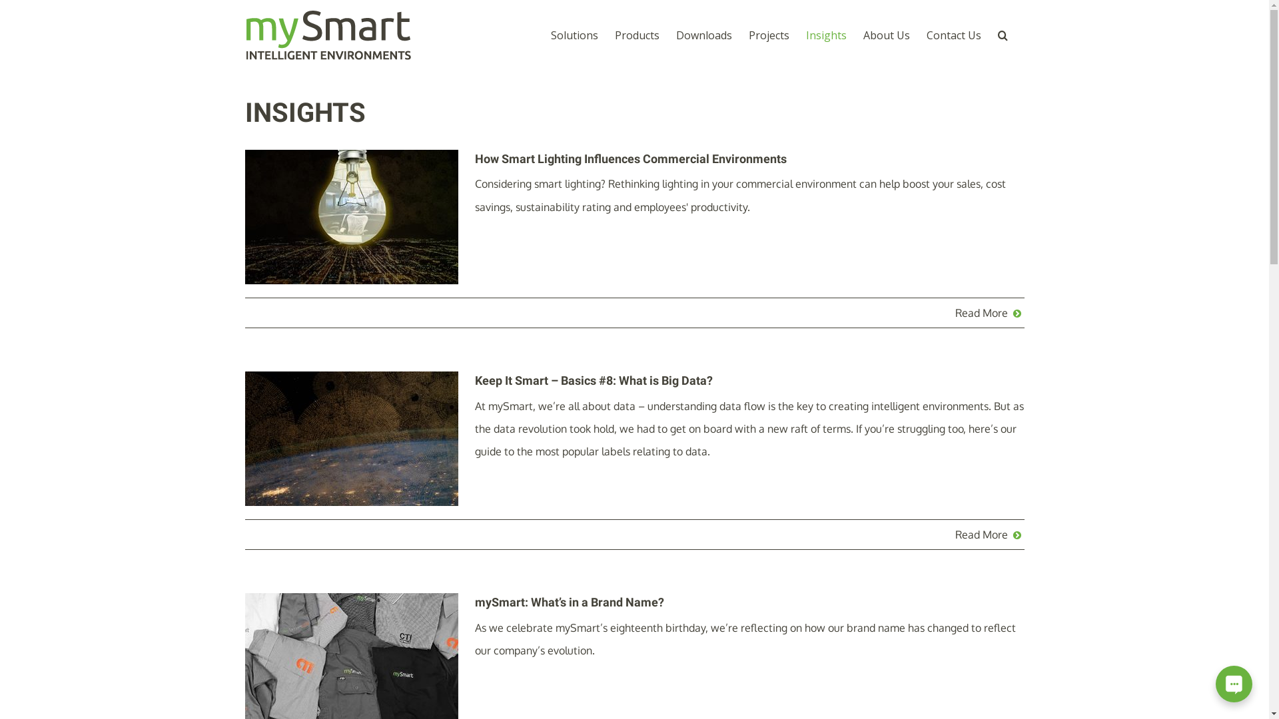  Describe the element at coordinates (574, 34) in the screenshot. I see `'Solutions'` at that location.